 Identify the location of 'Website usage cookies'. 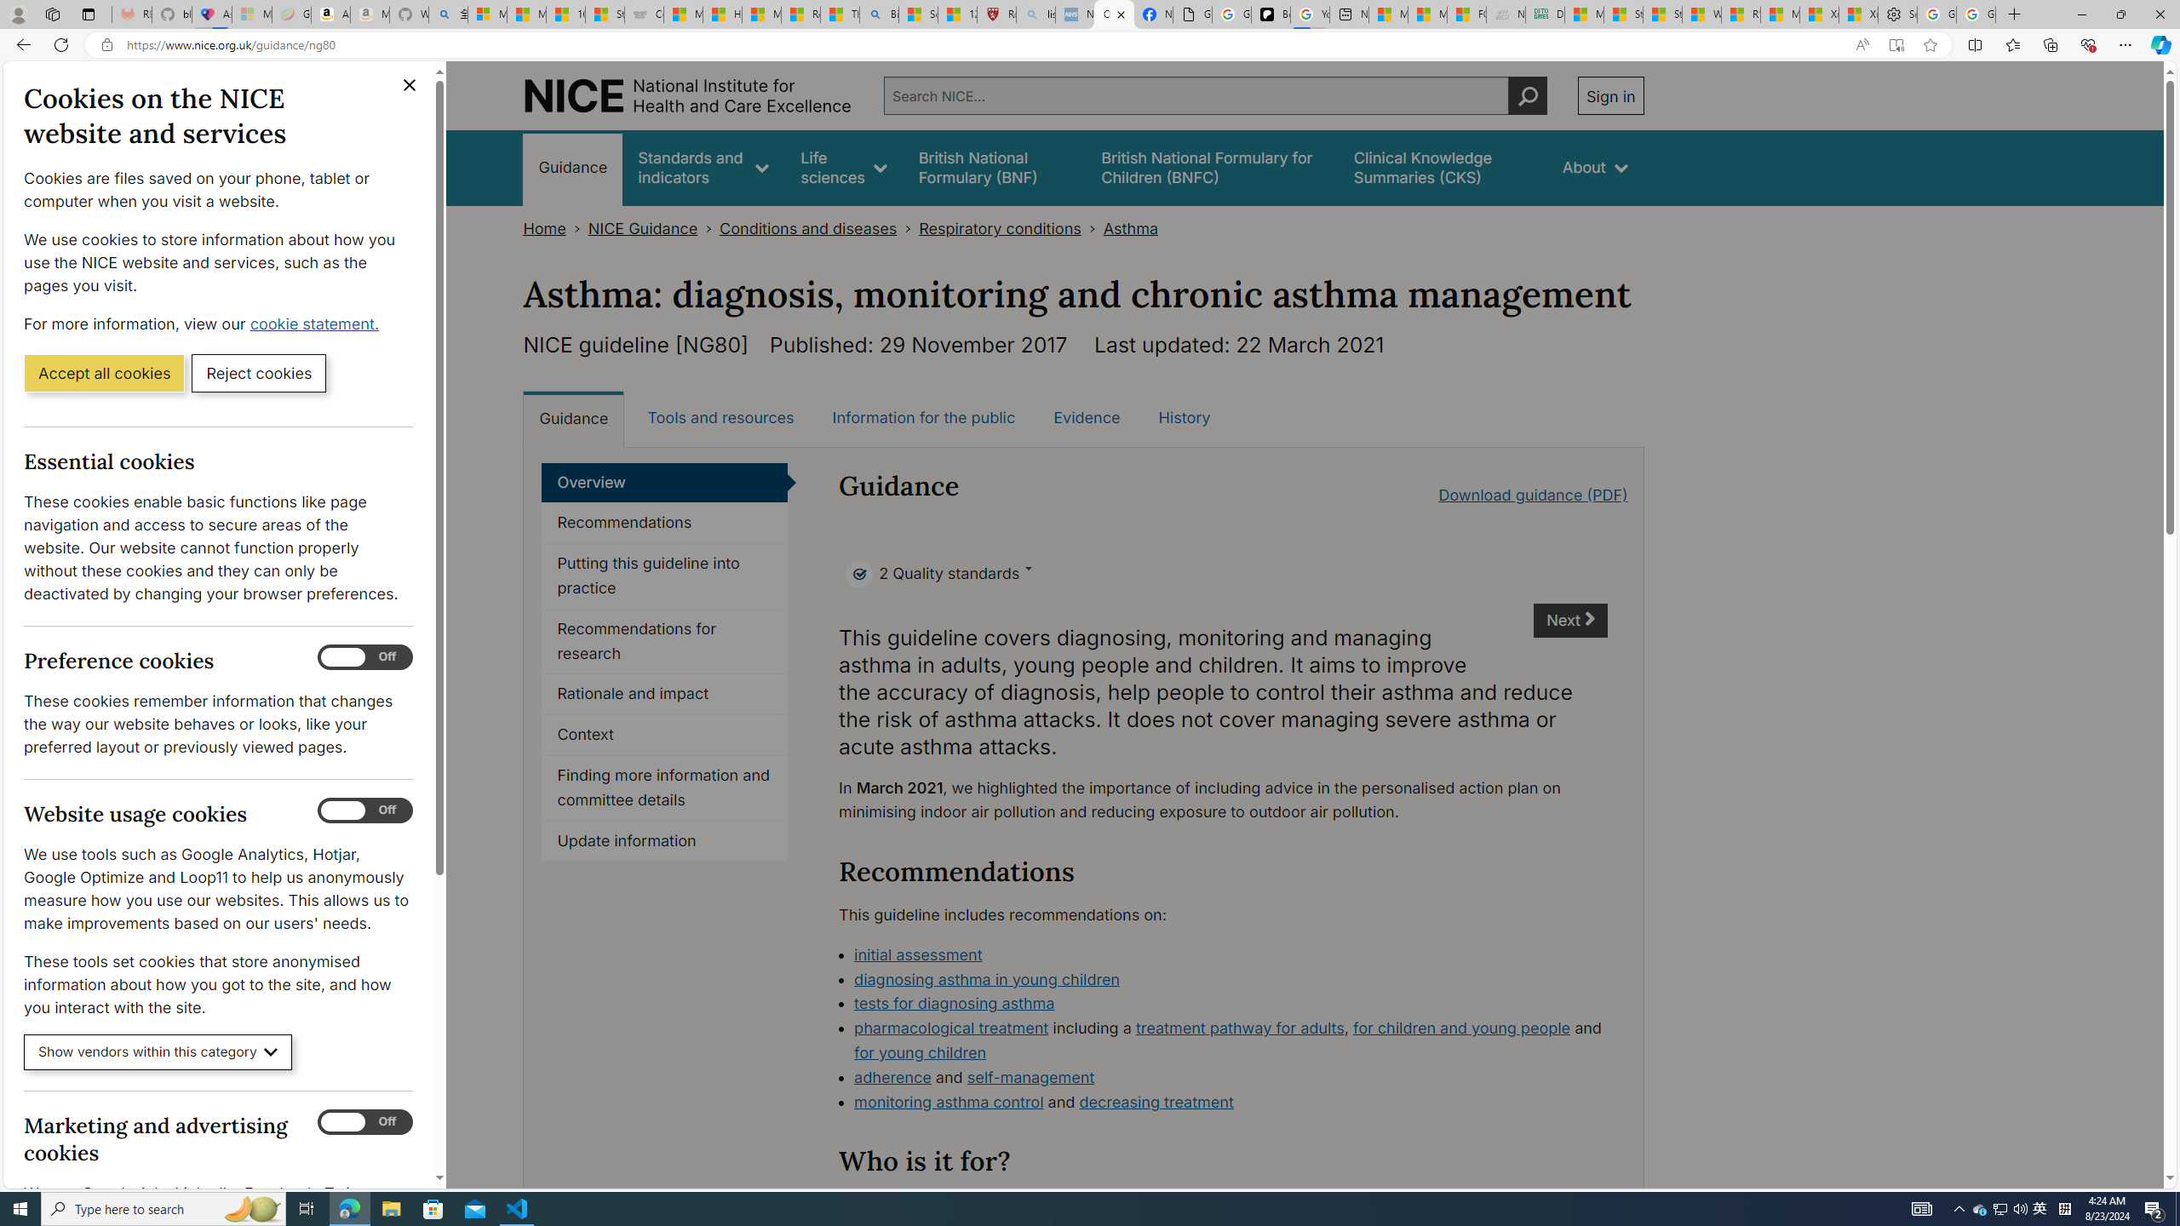
(364, 809).